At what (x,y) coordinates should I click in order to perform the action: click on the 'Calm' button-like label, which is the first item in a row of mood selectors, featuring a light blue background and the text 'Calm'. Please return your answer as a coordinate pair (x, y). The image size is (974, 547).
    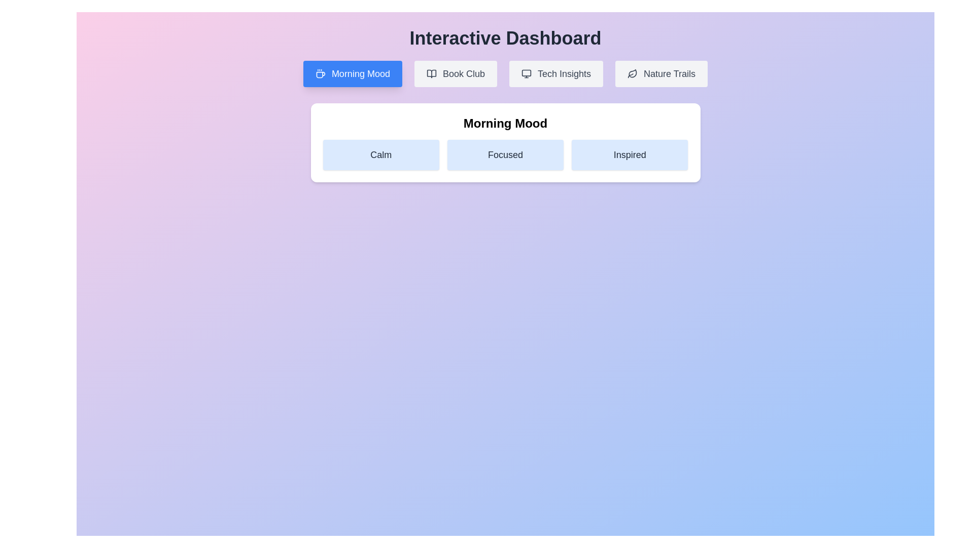
    Looking at the image, I should click on (380, 154).